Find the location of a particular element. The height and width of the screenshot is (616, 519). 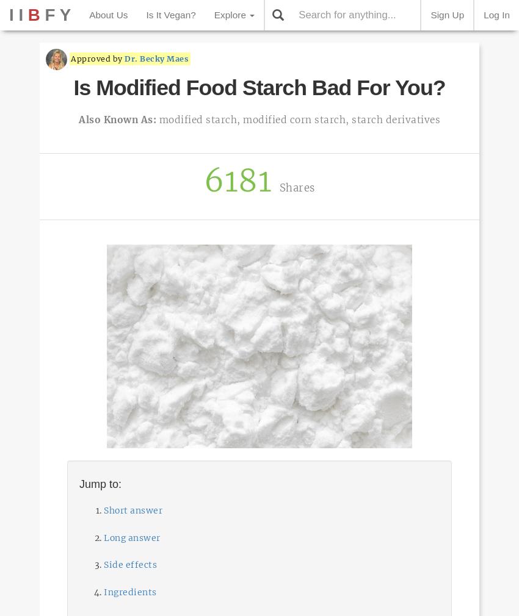

'Short answer' is located at coordinates (133, 510).